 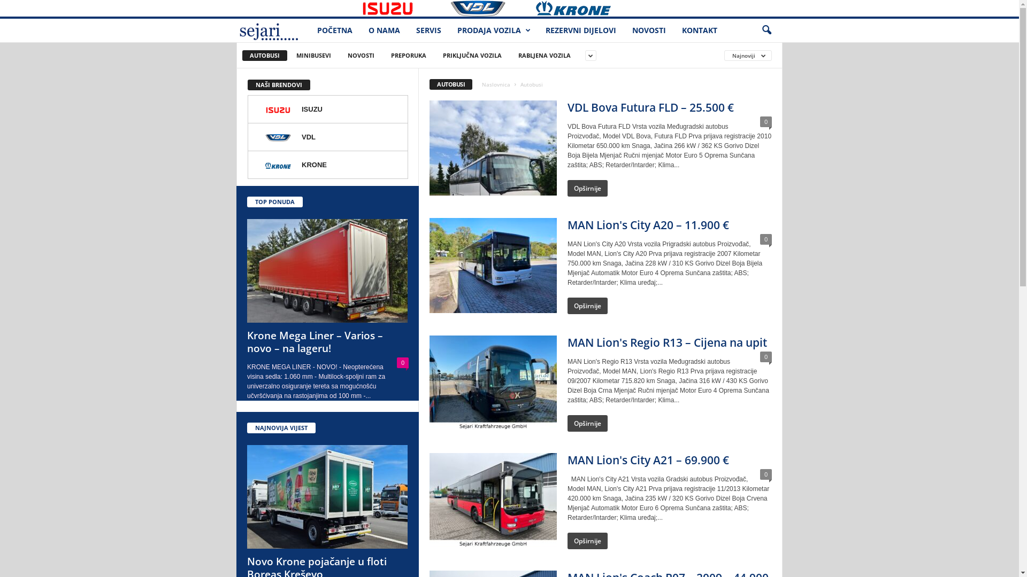 I want to click on 'Sejari d.o.o. Sarajevo', so click(x=272, y=30).